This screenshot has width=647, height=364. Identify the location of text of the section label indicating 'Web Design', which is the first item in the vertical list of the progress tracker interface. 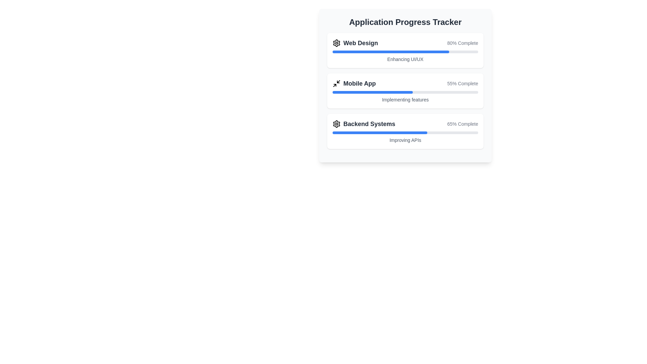
(355, 43).